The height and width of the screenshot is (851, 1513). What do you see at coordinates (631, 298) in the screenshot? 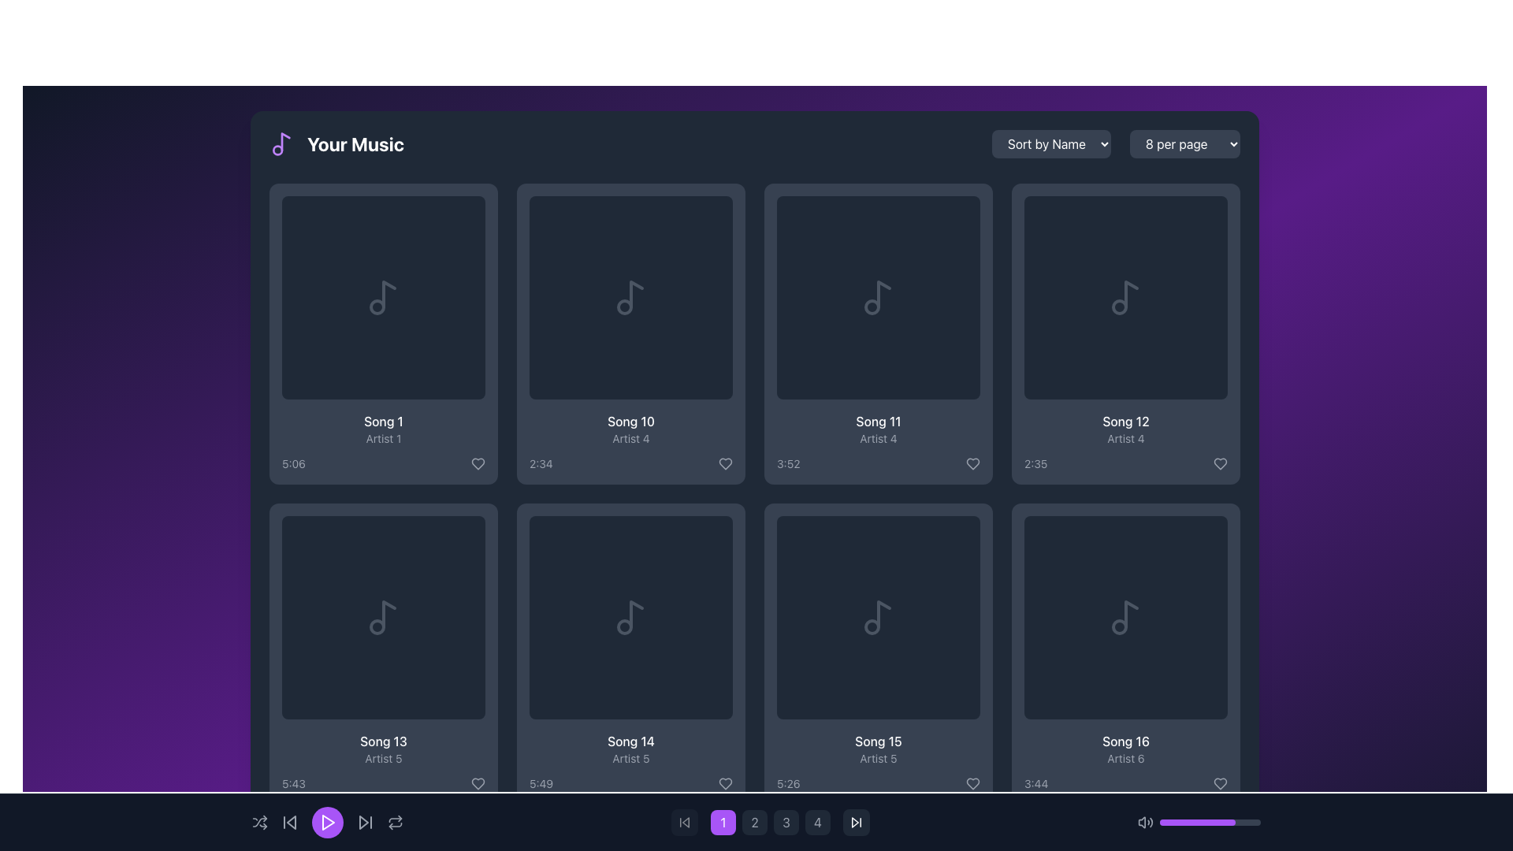
I see `the Image placeholder for the song 'Song 10' by 'Artist 4'` at bounding box center [631, 298].